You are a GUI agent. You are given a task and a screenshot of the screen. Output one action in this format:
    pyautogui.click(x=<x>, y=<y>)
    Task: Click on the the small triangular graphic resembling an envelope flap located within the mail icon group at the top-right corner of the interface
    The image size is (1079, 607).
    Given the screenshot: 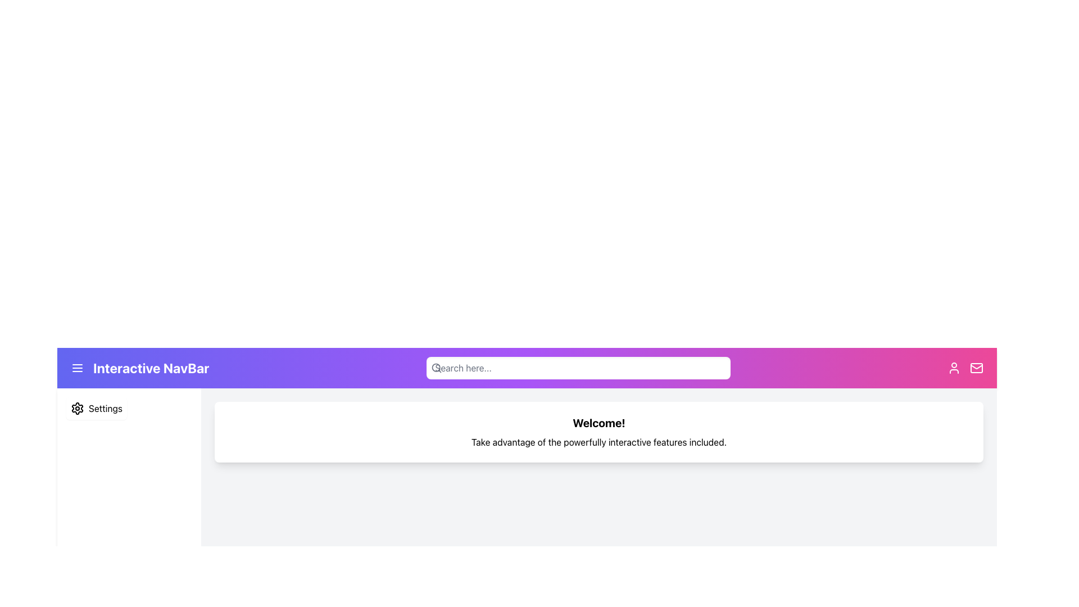 What is the action you would take?
    pyautogui.click(x=976, y=366)
    